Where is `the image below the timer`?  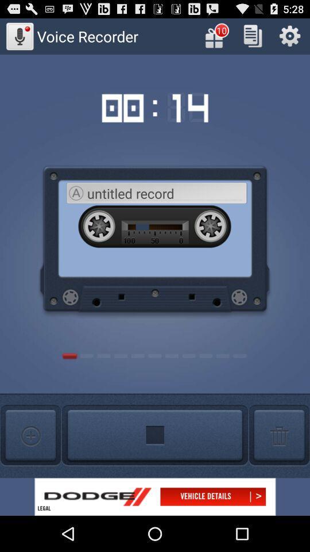 the image below the timer is located at coordinates (154, 236).